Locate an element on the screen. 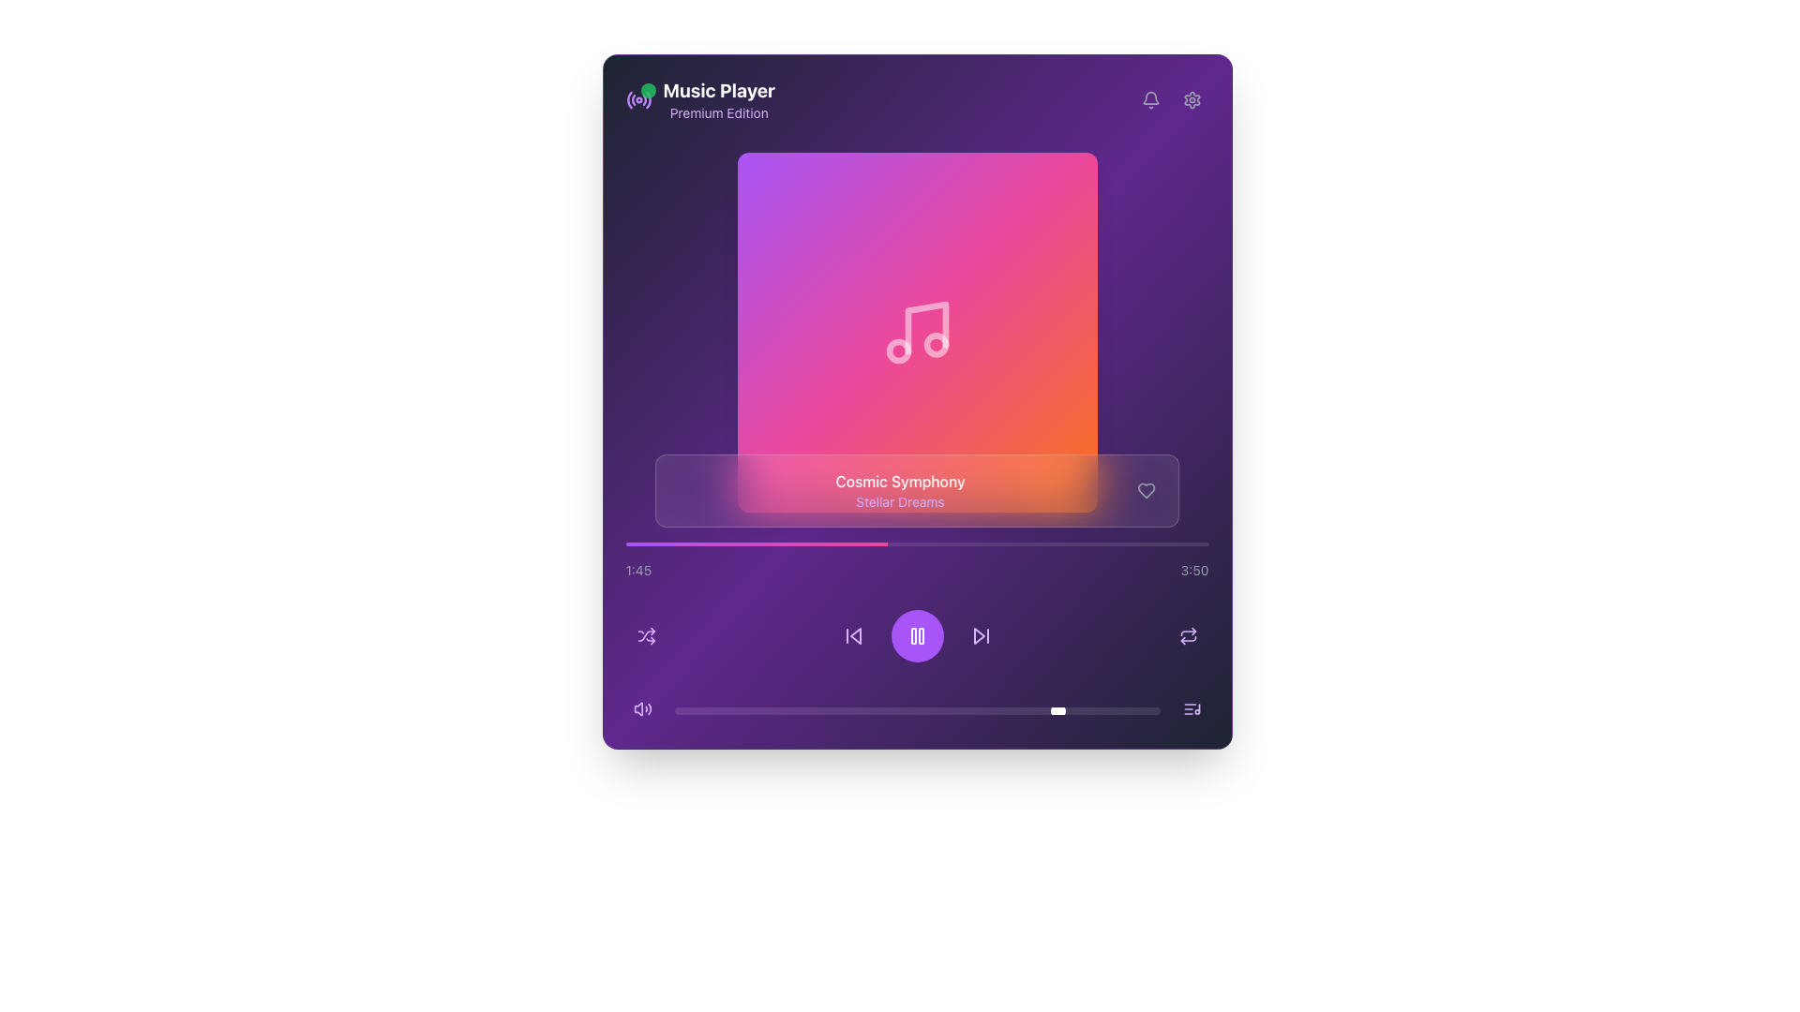 The height and width of the screenshot is (1012, 1800). the white, semi-transparent music note SVG icon located at the center of a gradient background, surrounded by music player controls is located at coordinates (917, 331).